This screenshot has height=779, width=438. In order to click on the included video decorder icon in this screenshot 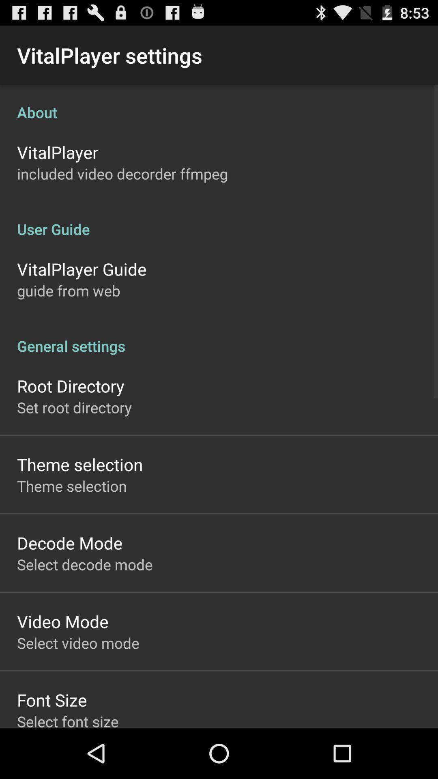, I will do `click(122, 173)`.